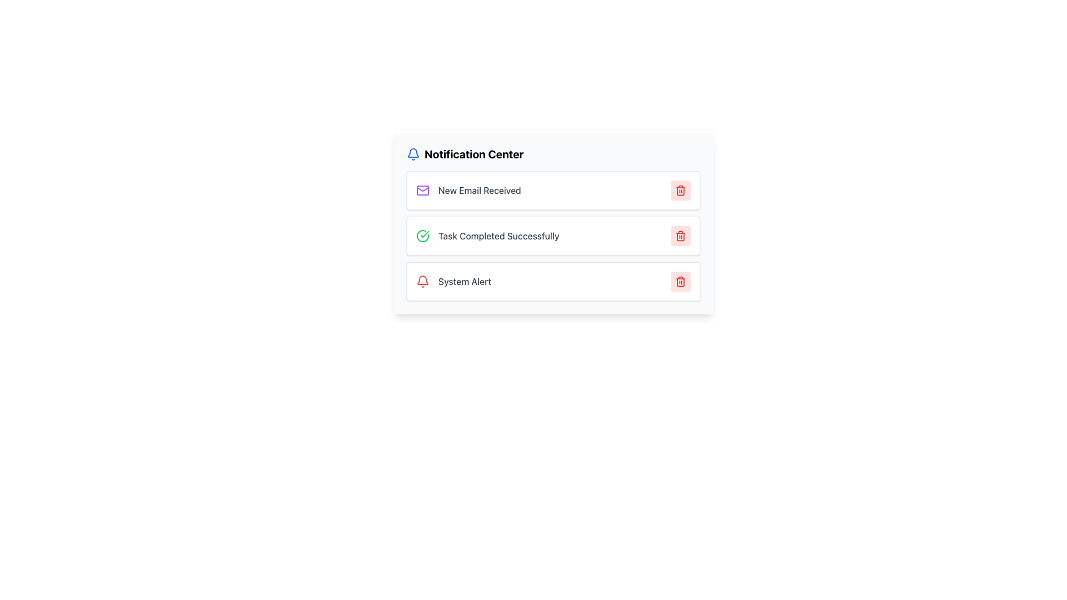  I want to click on the second trash button on the right side of the 'Task Completed Successfully' notification, so click(680, 235).